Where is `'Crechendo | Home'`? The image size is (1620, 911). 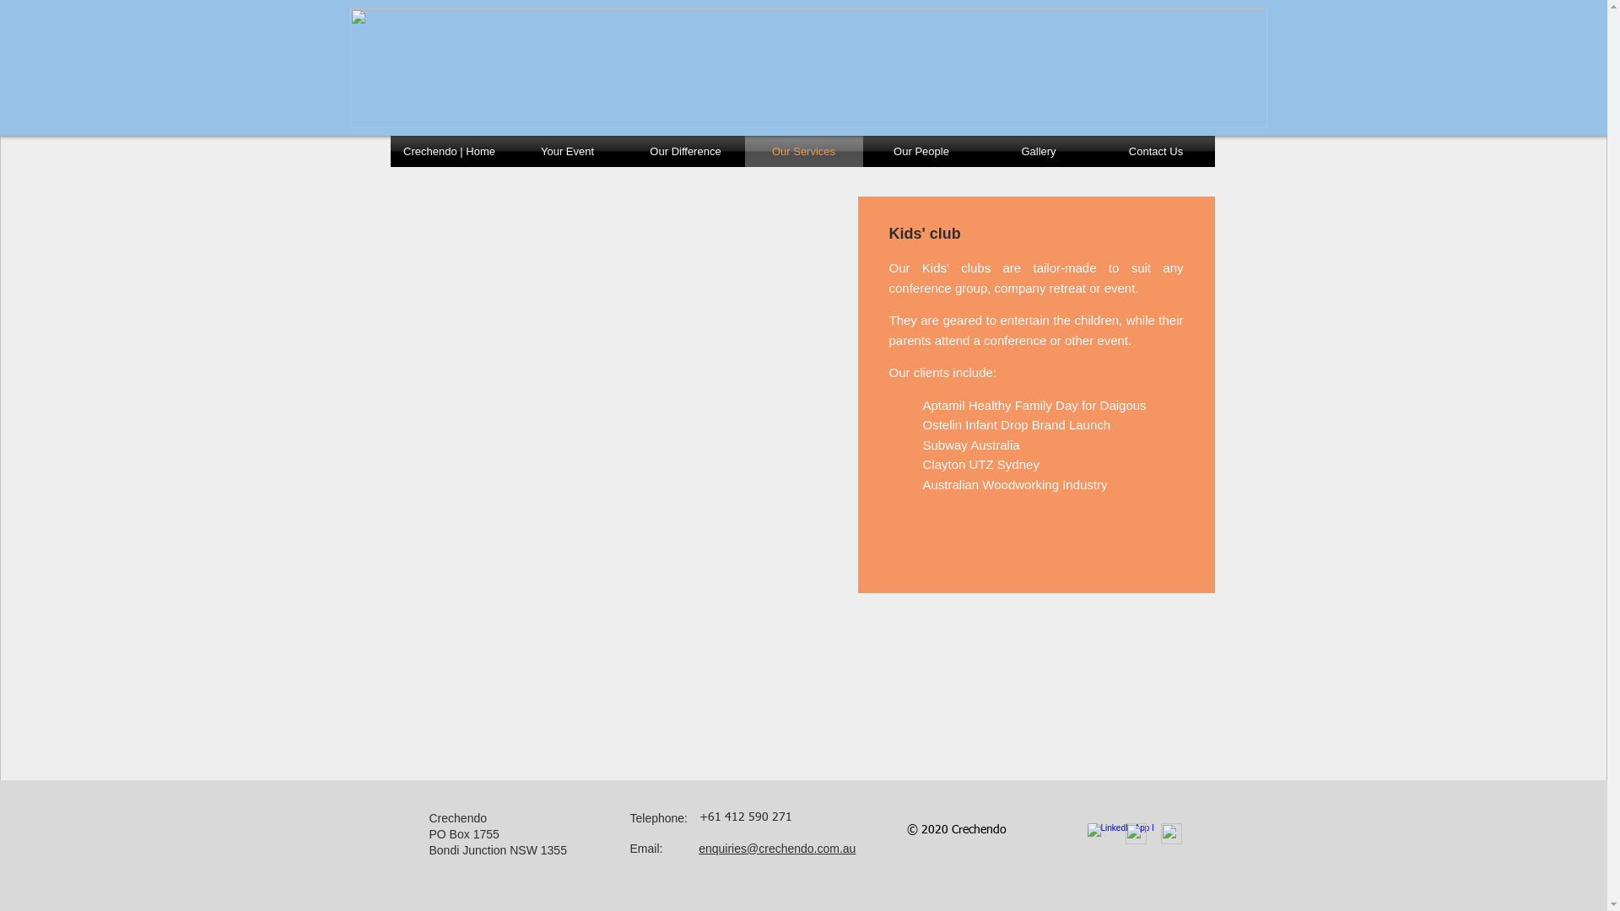
'Crechendo | Home' is located at coordinates (388, 150).